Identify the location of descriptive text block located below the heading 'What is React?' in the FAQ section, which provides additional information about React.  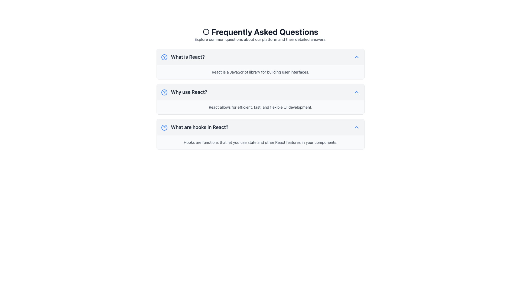
(260, 72).